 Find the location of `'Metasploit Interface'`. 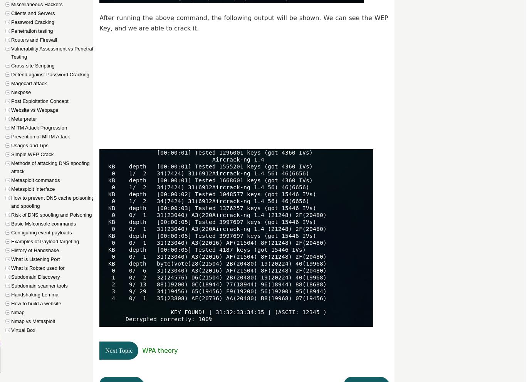

'Metasploit Interface' is located at coordinates (33, 188).